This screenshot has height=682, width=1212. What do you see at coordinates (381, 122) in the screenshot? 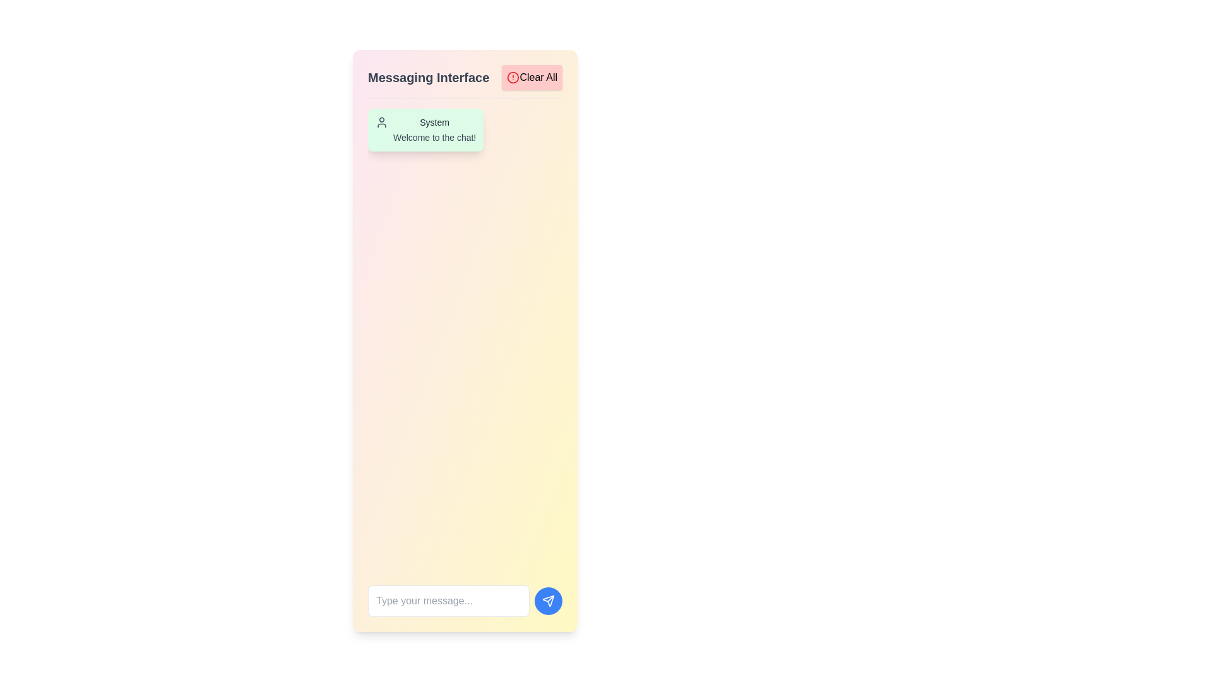
I see `the user icon located in the top-left corner of the light green notification, adjacent to the text 'System' and above 'Welcome to the chat!'` at bounding box center [381, 122].